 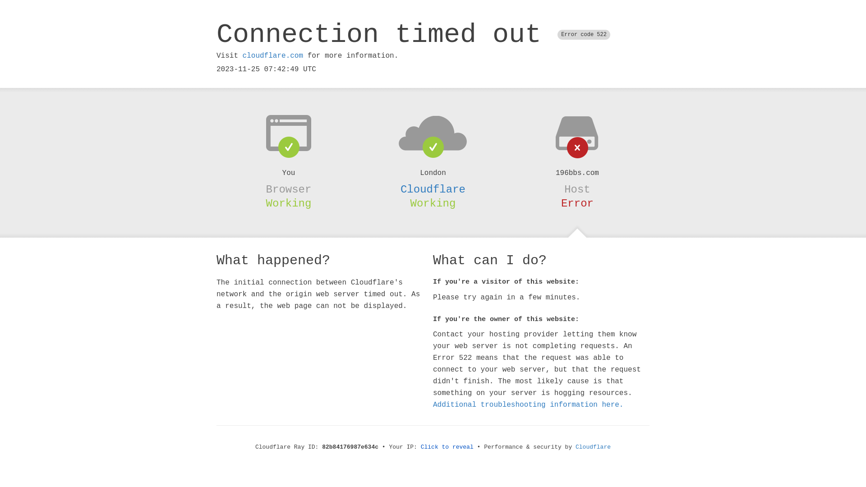 I want to click on 'Additional troubleshooting information here.', so click(x=528, y=404).